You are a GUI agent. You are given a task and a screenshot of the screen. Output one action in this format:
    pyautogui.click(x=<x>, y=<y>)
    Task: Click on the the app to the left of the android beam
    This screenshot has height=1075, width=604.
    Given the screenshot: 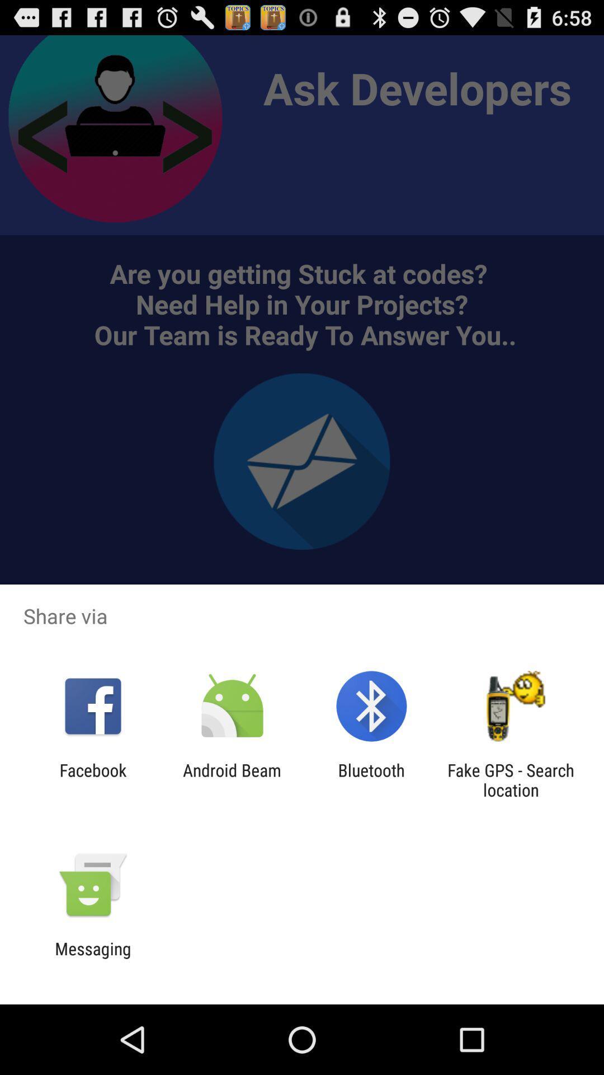 What is the action you would take?
    pyautogui.click(x=92, y=779)
    